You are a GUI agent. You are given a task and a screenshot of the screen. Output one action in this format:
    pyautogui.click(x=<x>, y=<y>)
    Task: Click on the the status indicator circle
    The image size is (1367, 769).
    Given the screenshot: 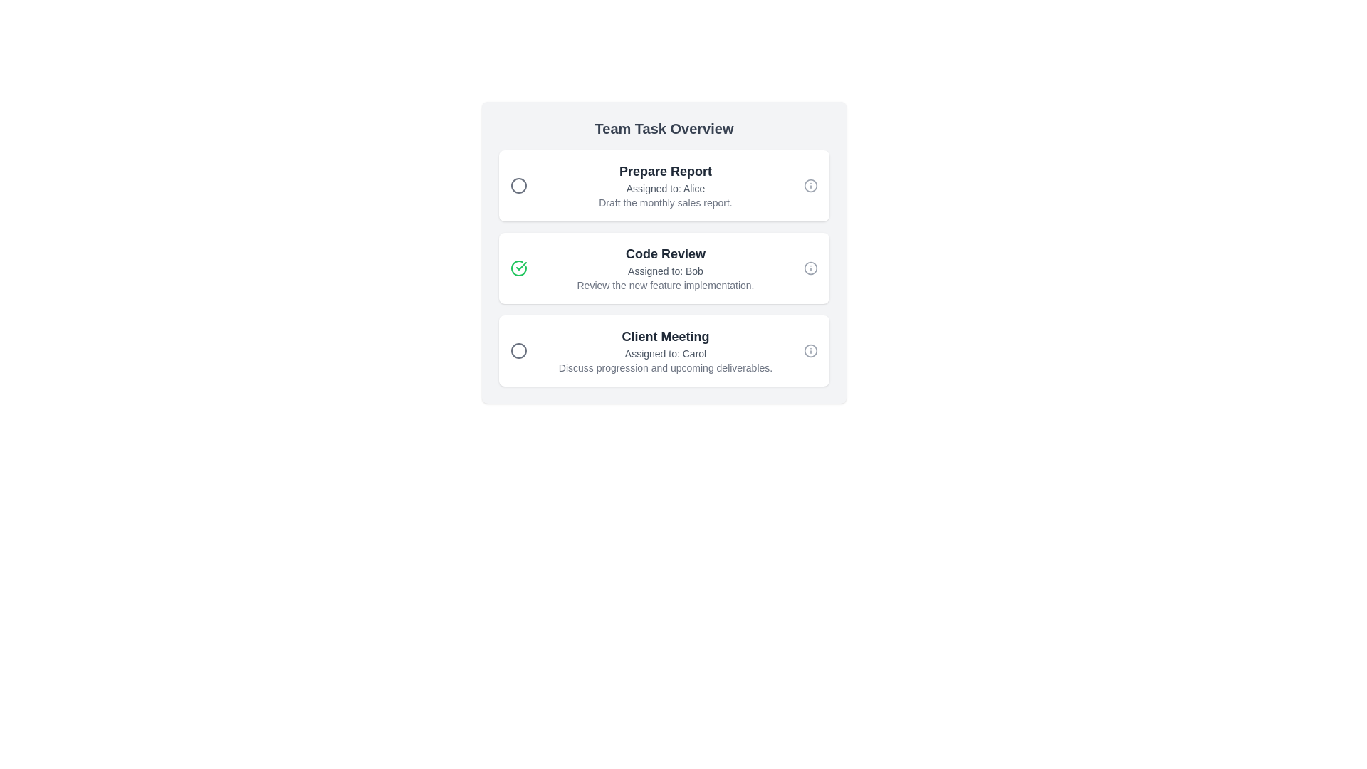 What is the action you would take?
    pyautogui.click(x=518, y=185)
    